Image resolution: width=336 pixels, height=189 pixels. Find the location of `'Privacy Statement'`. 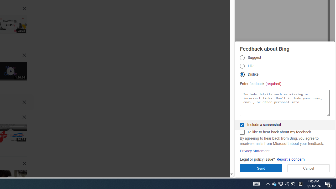

'Privacy Statement' is located at coordinates (255, 151).